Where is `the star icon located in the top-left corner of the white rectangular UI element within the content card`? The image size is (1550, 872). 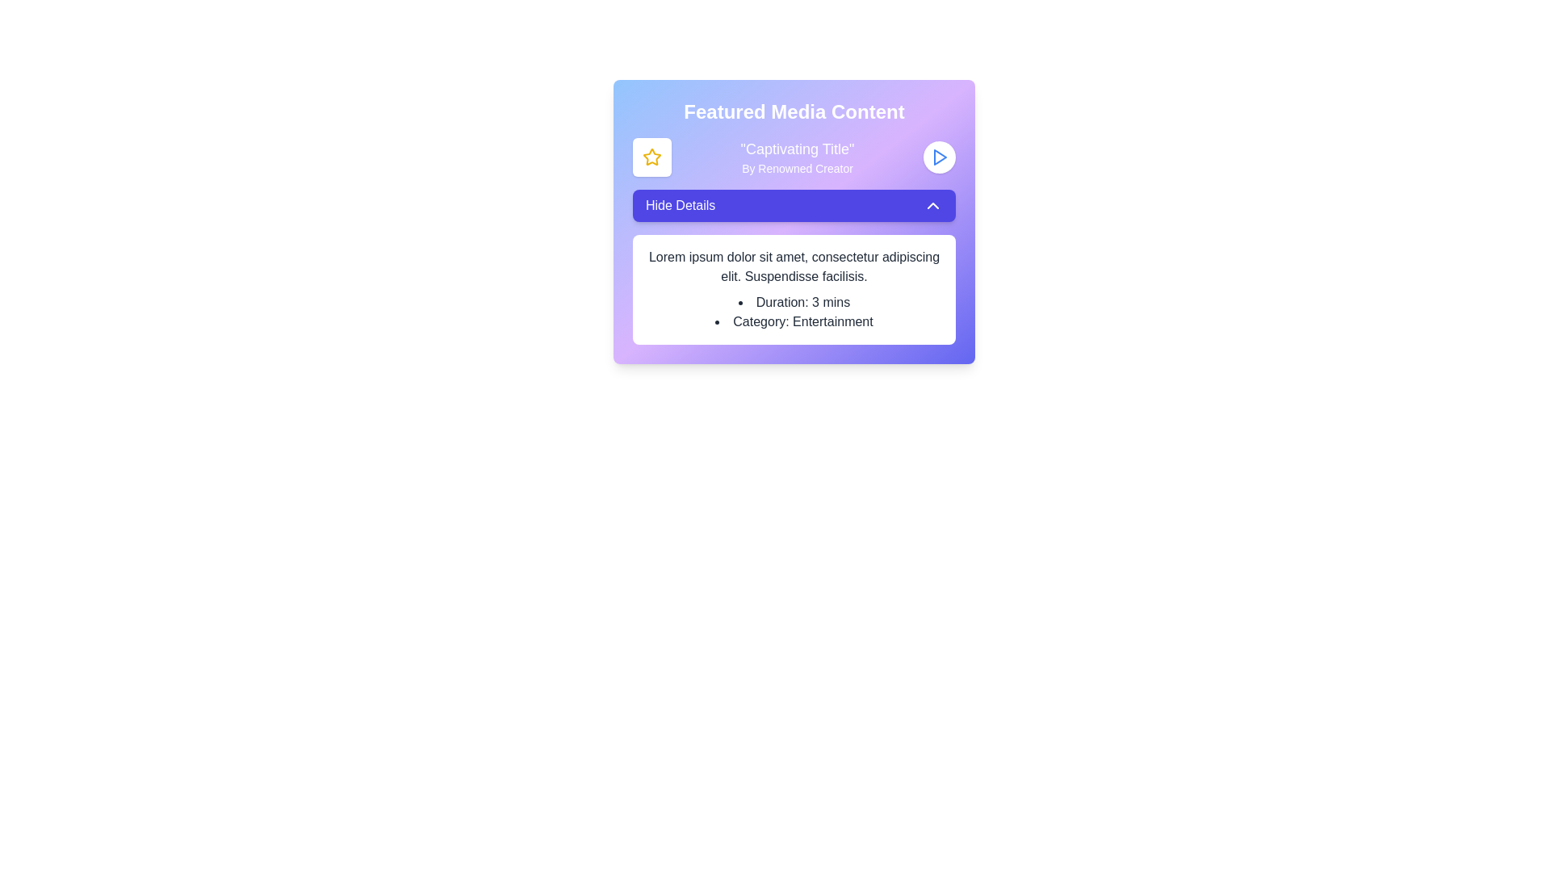
the star icon located in the top-left corner of the white rectangular UI element within the content card is located at coordinates (651, 157).